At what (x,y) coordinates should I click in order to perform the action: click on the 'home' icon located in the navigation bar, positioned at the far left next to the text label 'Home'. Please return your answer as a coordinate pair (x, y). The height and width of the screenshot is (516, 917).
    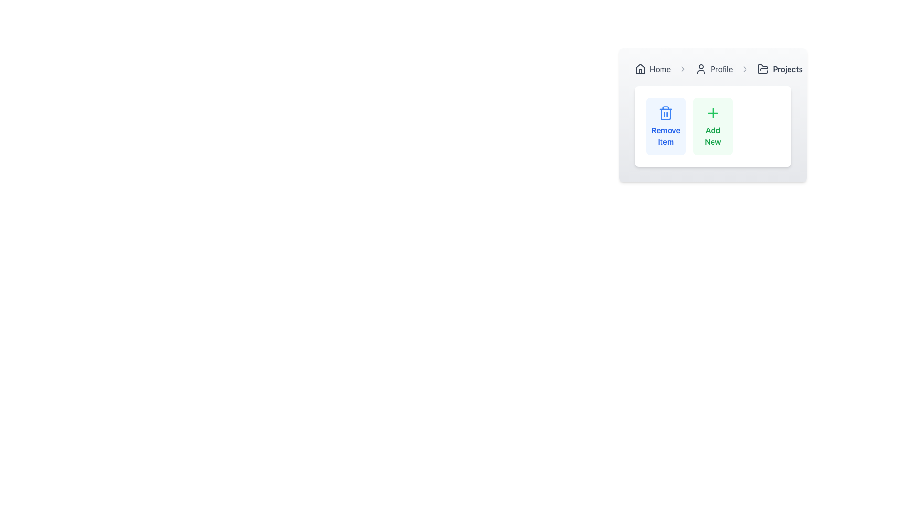
    Looking at the image, I should click on (640, 68).